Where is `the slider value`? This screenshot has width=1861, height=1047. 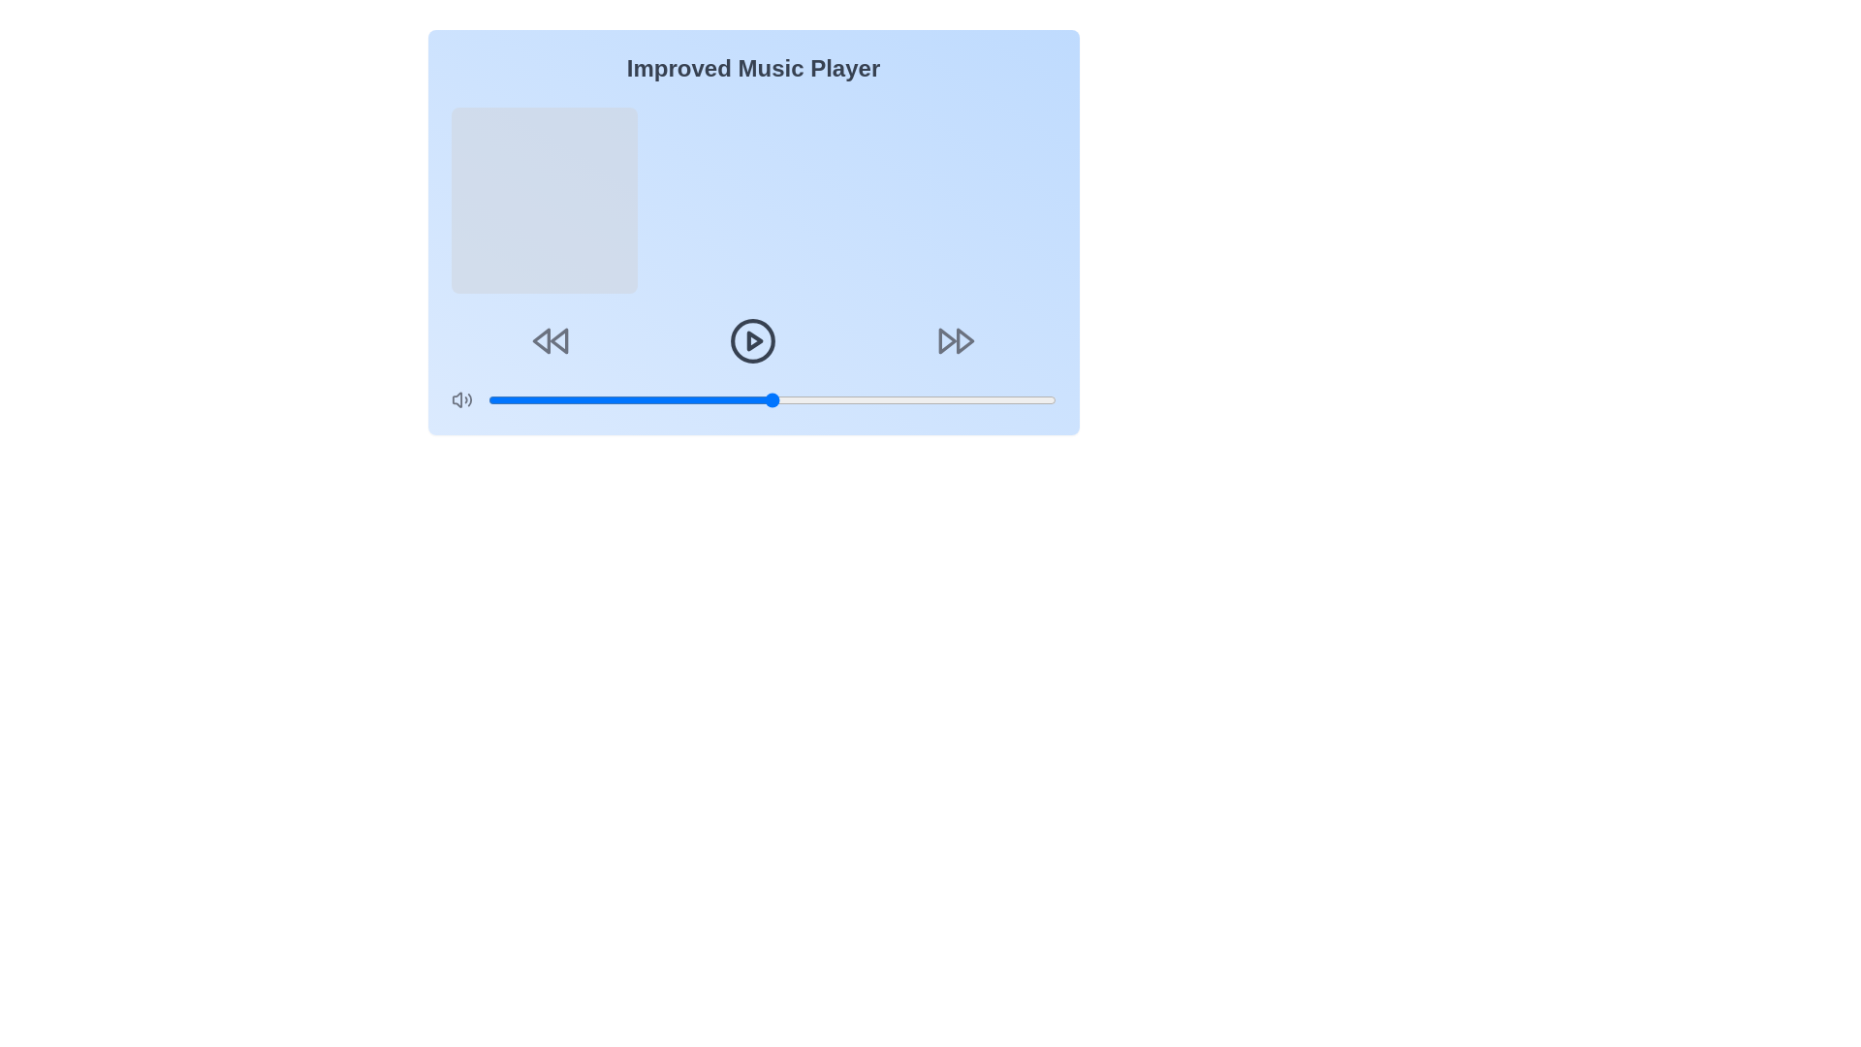 the slider value is located at coordinates (652, 398).